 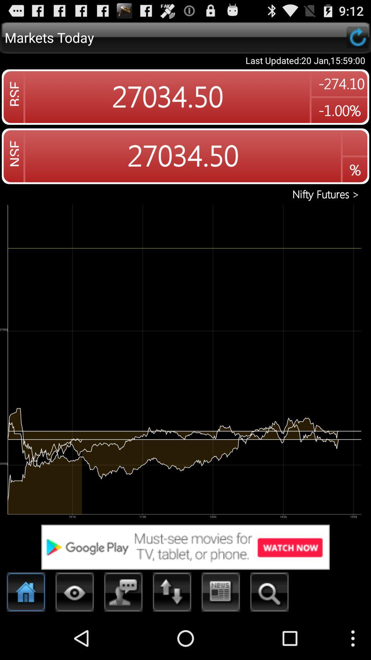 What do you see at coordinates (221, 594) in the screenshot?
I see `caleanter` at bounding box center [221, 594].